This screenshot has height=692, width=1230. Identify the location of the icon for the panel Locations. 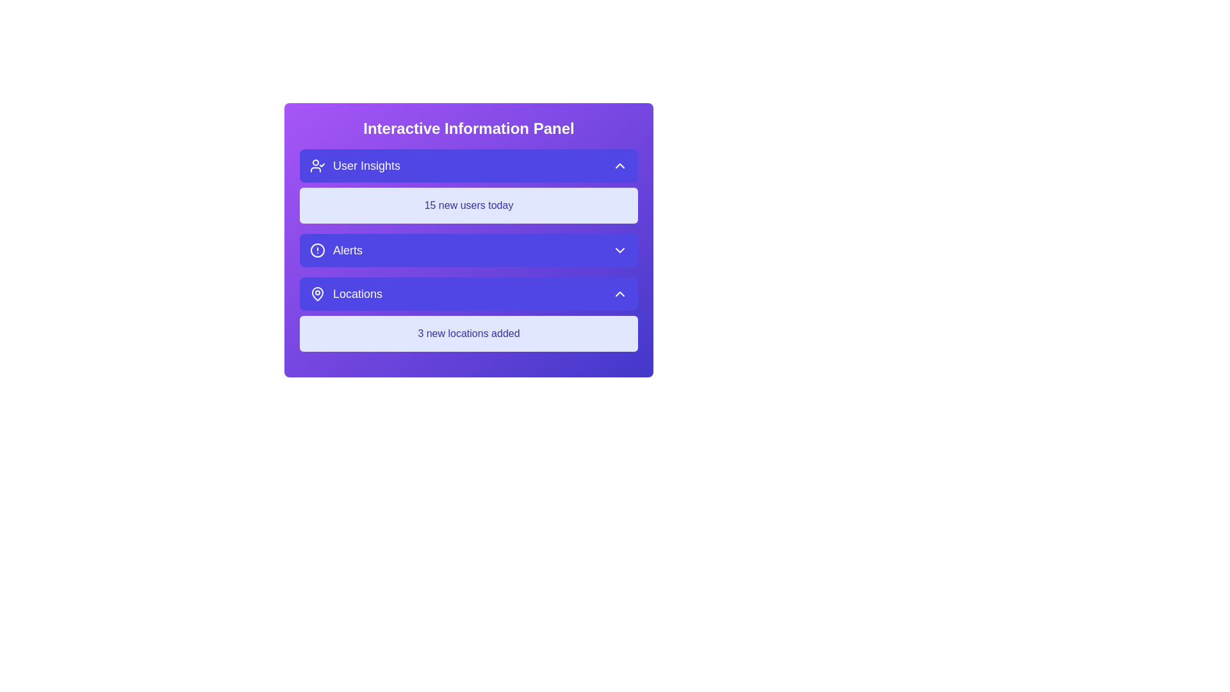
(317, 294).